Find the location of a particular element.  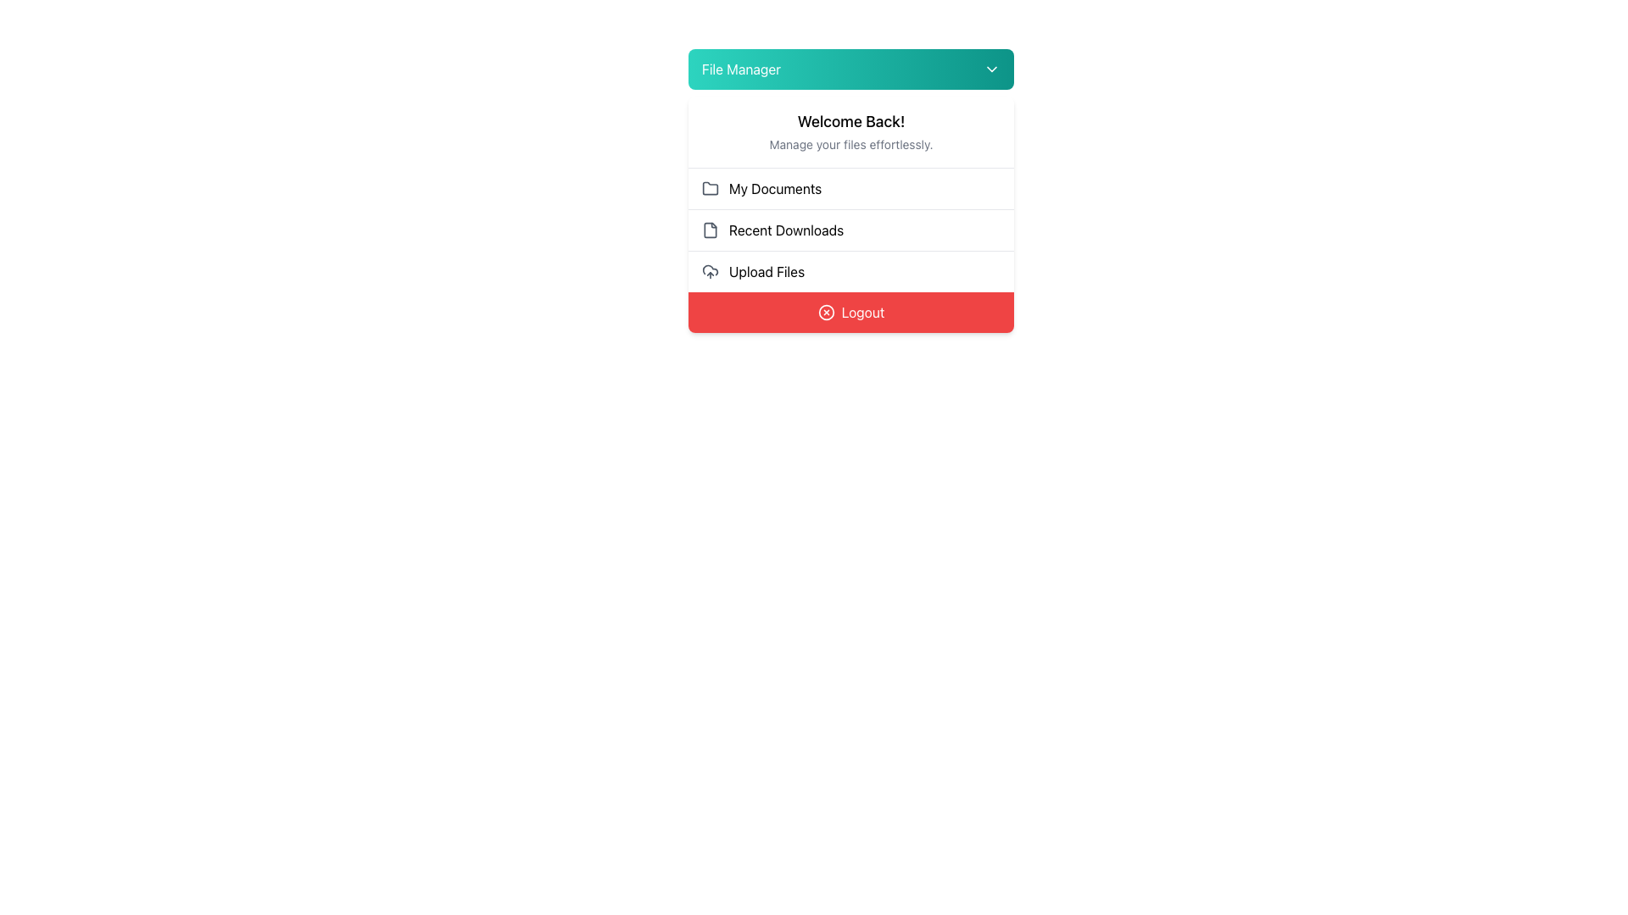

the 'Upload Files' label, which is located below the 'Recent Downloads' item in a vertically-arranged menu, to initiate an upload operation is located at coordinates (766, 270).